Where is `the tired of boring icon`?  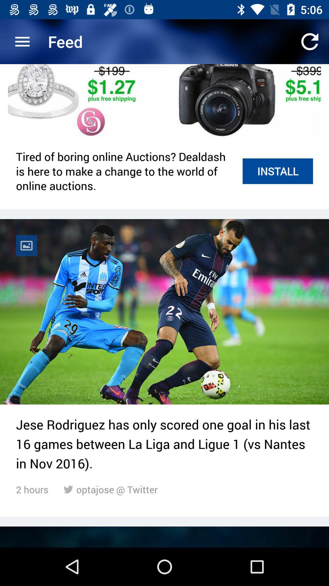 the tired of boring icon is located at coordinates (126, 171).